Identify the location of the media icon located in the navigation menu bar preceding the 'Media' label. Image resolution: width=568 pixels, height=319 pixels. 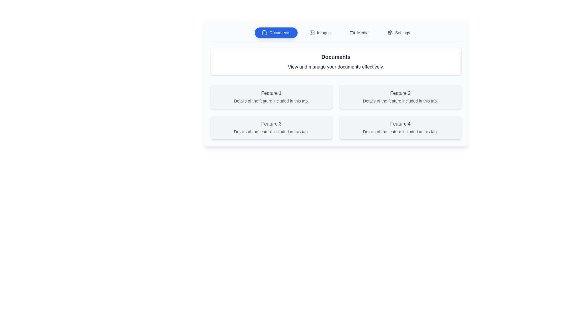
(352, 33).